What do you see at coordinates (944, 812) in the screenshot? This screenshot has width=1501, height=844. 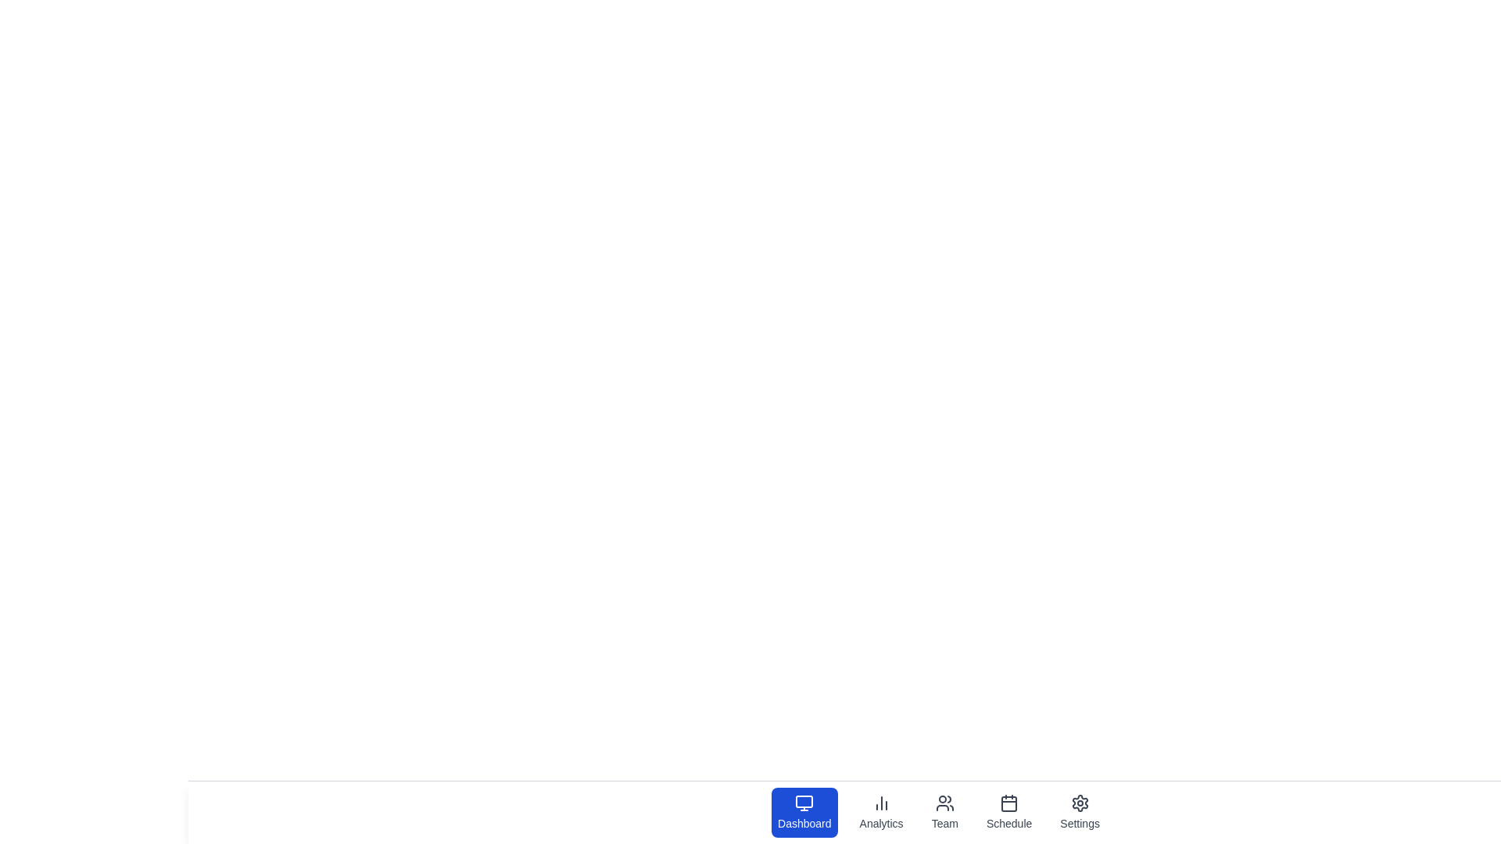 I see `the tab labeled Team by clicking on its icon or label` at bounding box center [944, 812].